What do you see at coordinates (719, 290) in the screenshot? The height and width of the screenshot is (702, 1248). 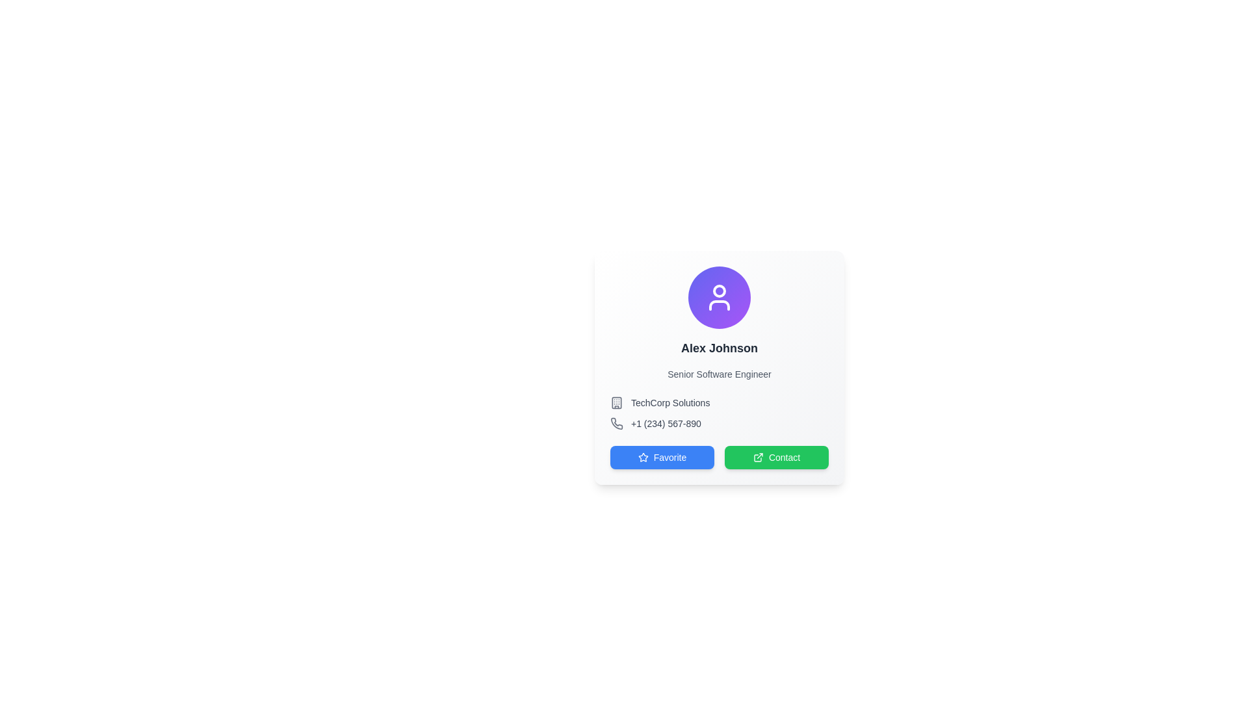 I see `the SVG Circle that represents a user within the avatar illustration at the top of the user card layout` at bounding box center [719, 290].